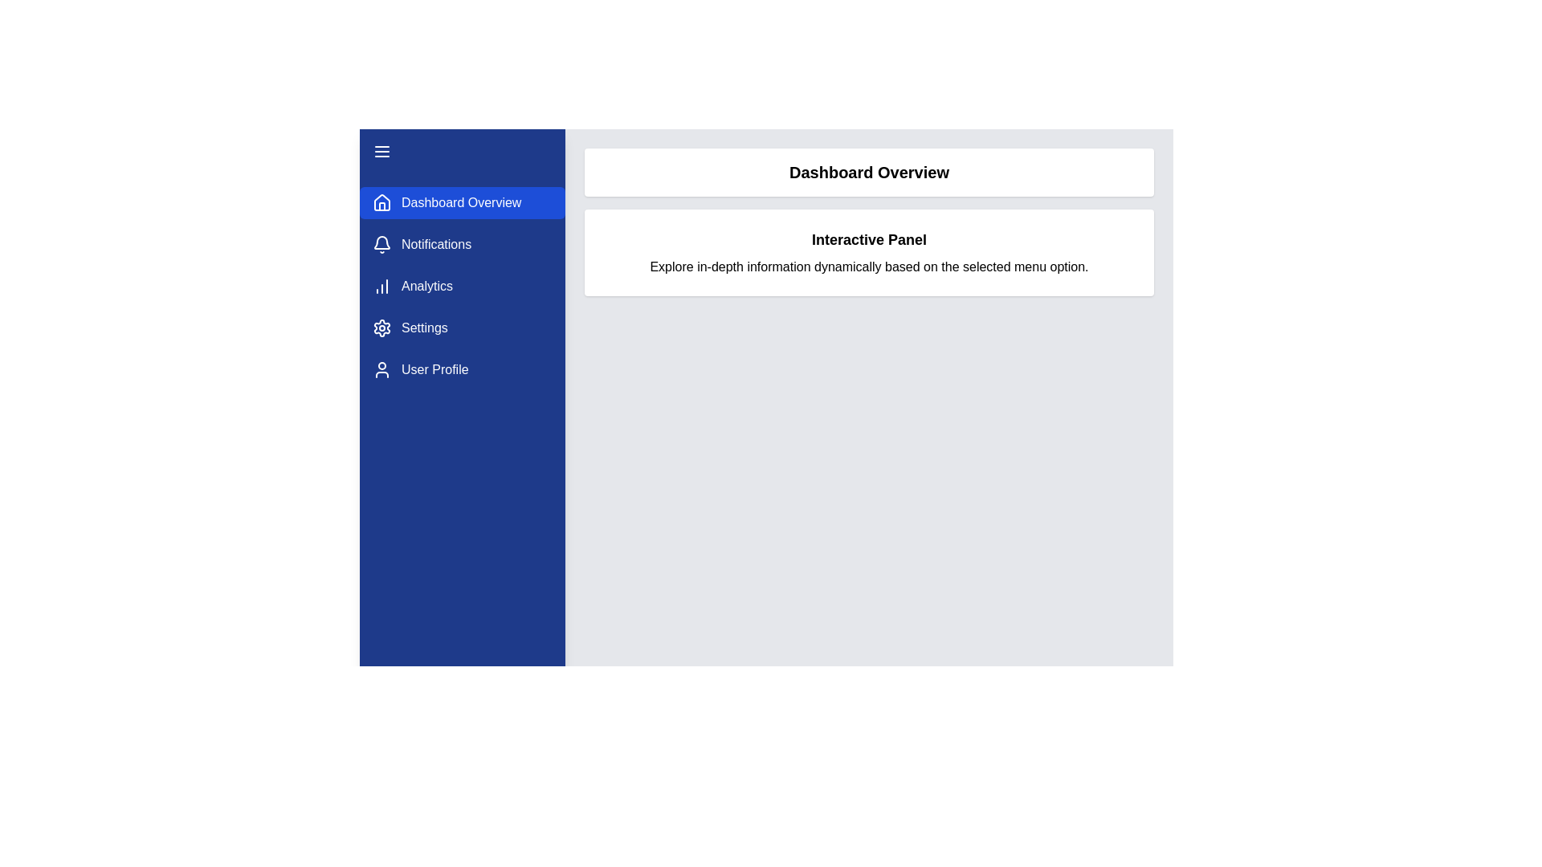  I want to click on the menu toggle button located at the top left corner of the vertical navigation bar, so click(381, 152).